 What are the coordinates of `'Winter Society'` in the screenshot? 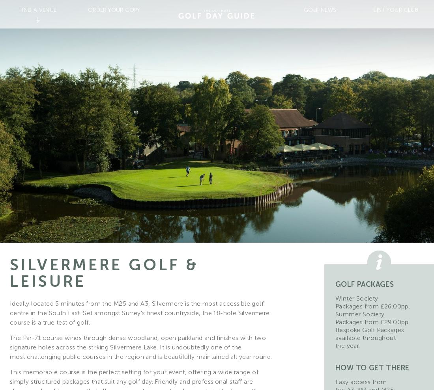 It's located at (356, 298).